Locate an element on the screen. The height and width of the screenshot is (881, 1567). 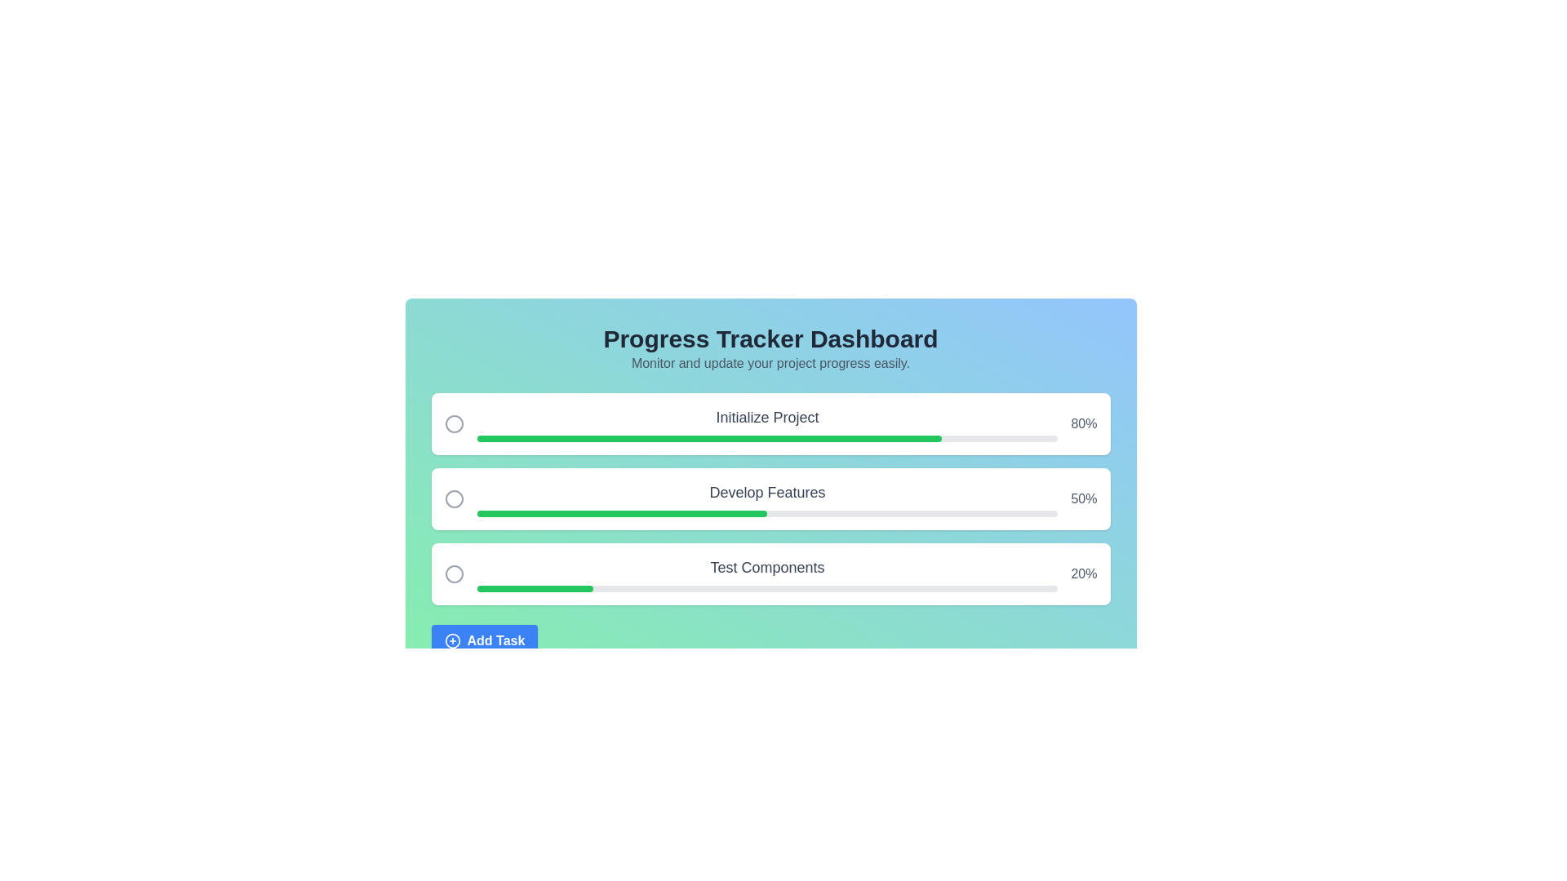
the static text label that reads 'Monitor and update your project progress easily.' located below the 'Progress Tracker Dashboard' header is located at coordinates (770, 363).